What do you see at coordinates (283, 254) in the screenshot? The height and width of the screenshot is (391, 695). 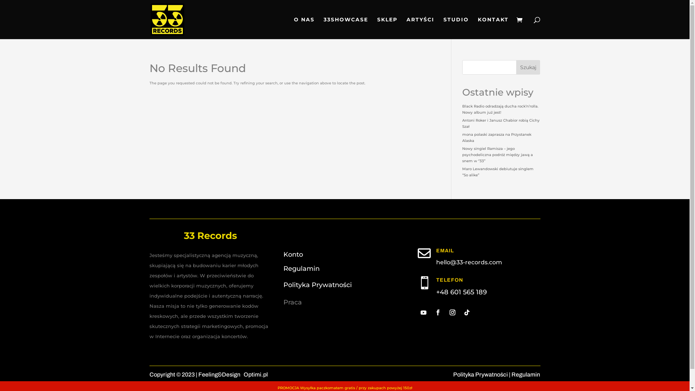 I see `'Konto'` at bounding box center [283, 254].